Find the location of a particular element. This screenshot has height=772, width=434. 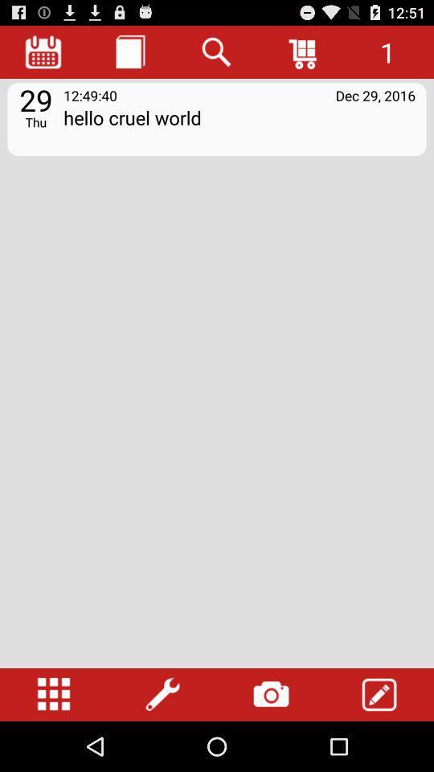

new note is located at coordinates (129, 51).